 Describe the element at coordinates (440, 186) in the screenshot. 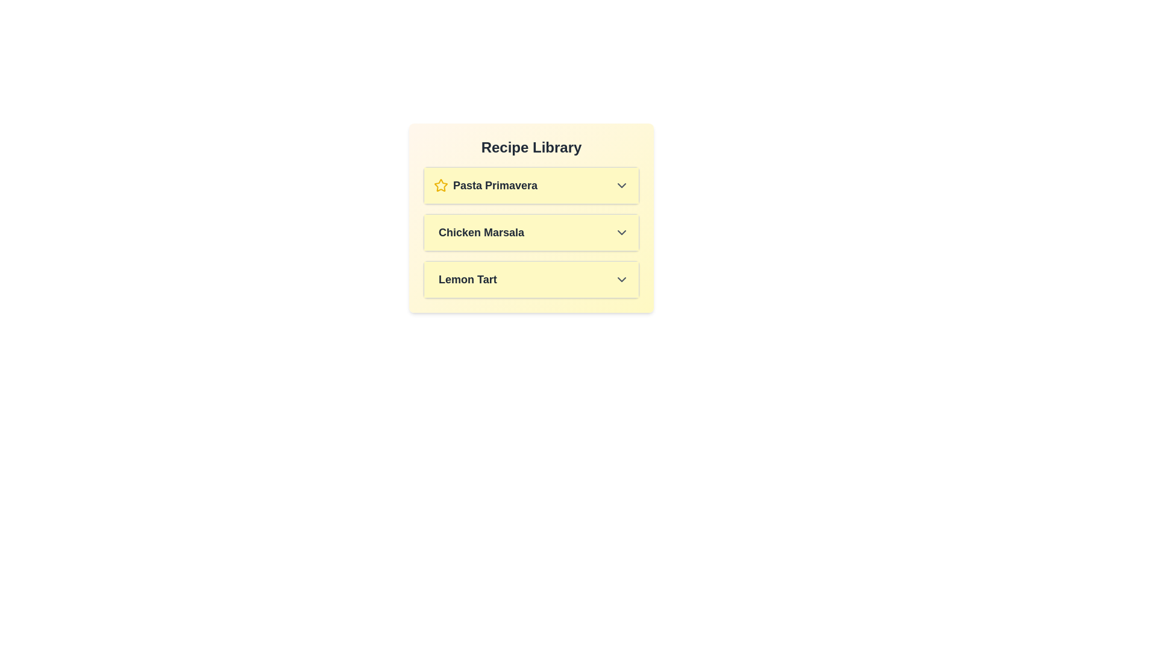

I see `the star icon next to 'Pasta Primavera' to toggle its bookmarked state` at that location.